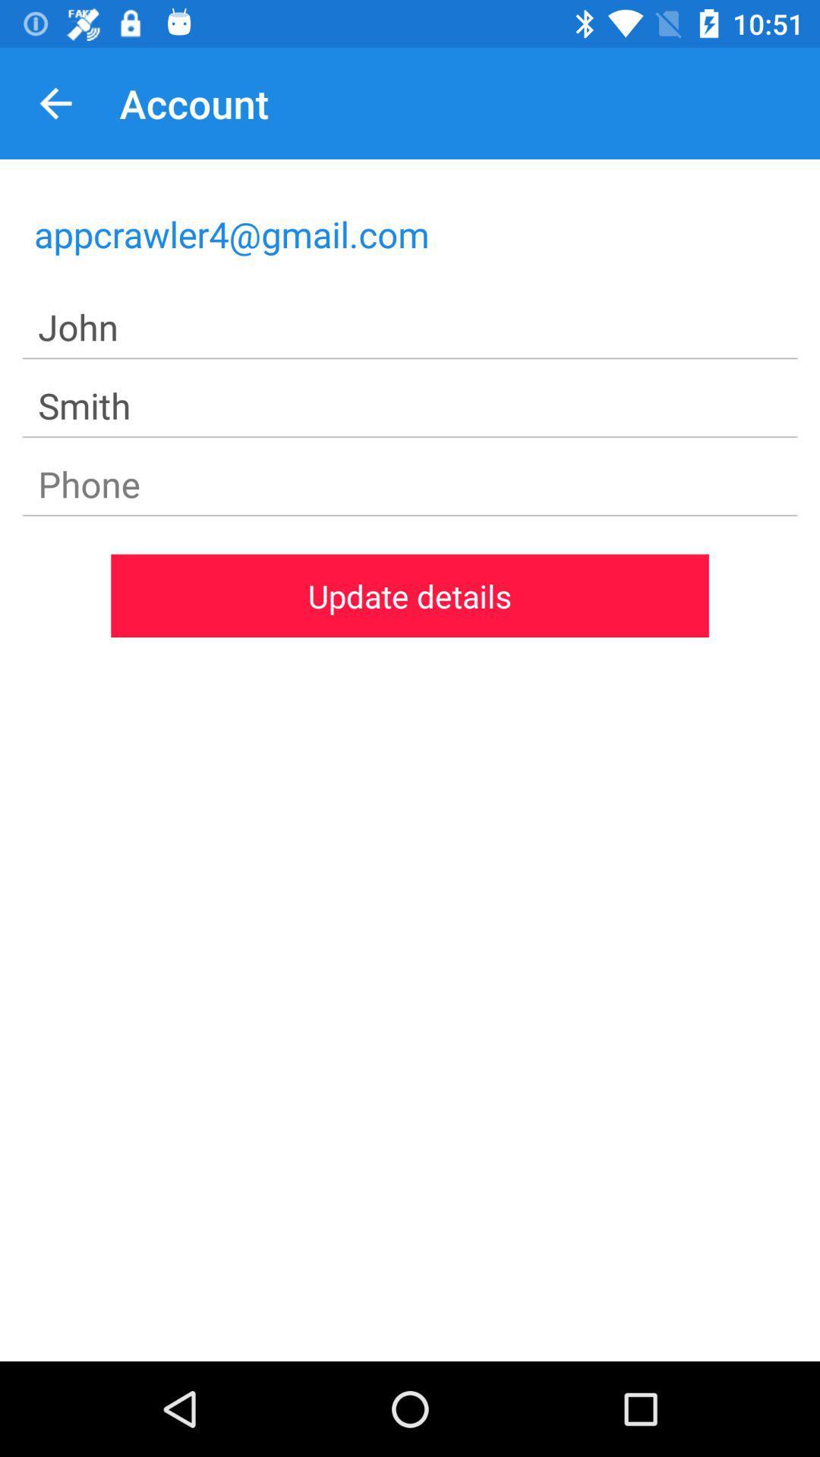 The height and width of the screenshot is (1457, 820). Describe the element at coordinates (410, 233) in the screenshot. I see `the item above the john` at that location.